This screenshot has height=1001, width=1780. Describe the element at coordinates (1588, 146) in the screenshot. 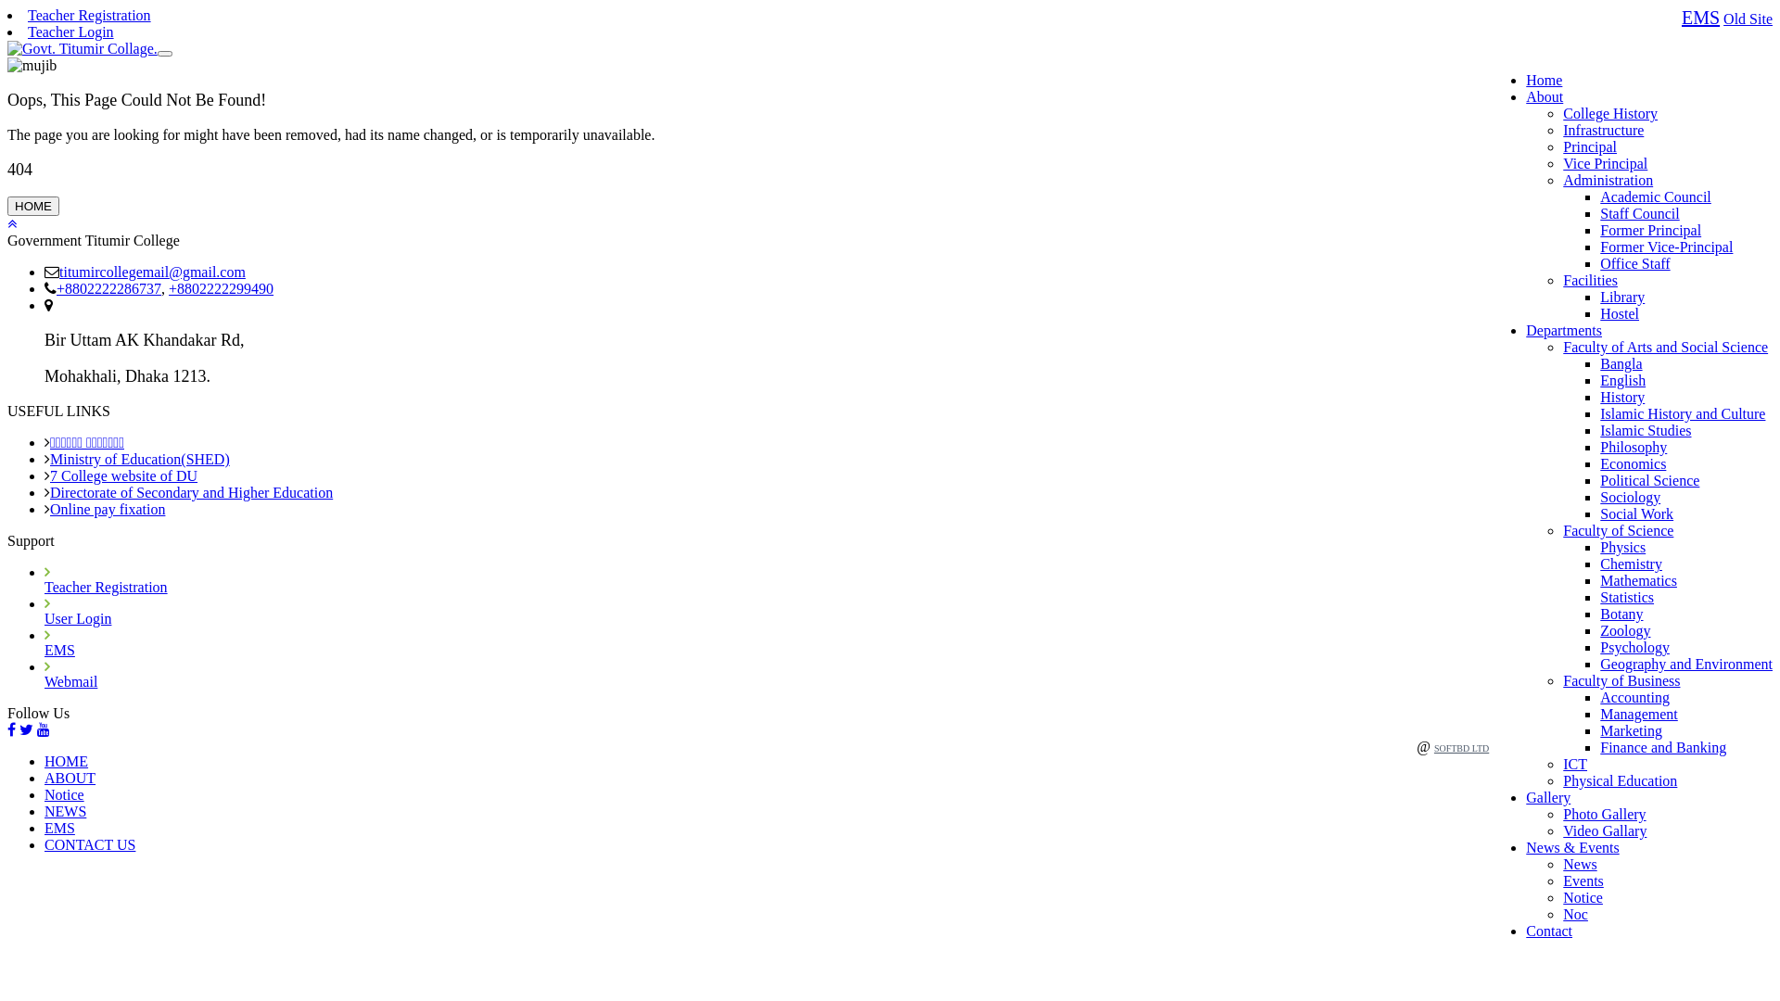

I see `'Principal'` at that location.